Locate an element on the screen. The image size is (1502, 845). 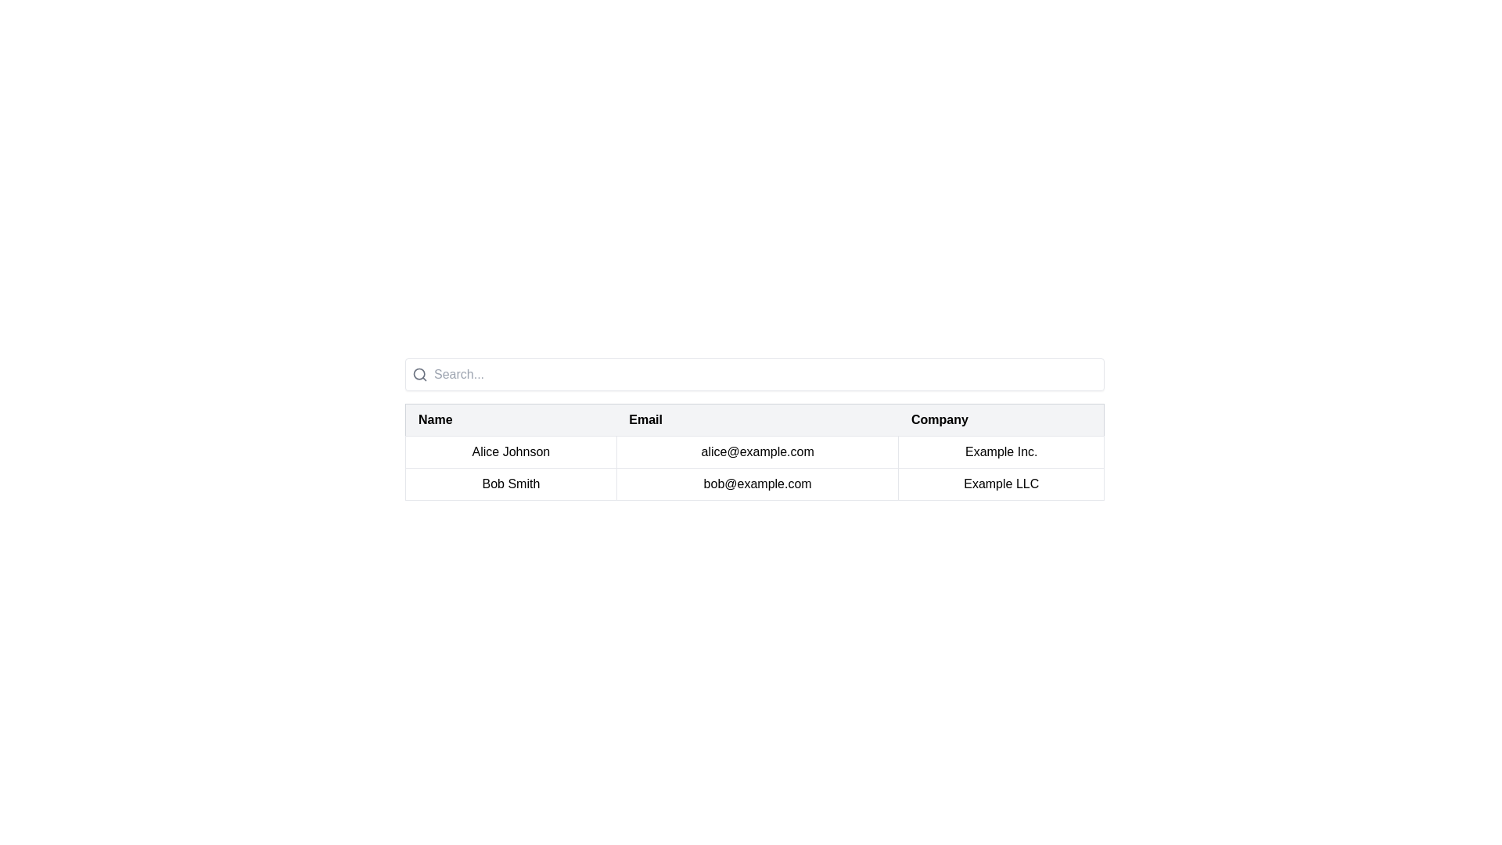
the text display element containing 'Example Inc.' in the 'Company' column of the data table is located at coordinates (1001, 452).